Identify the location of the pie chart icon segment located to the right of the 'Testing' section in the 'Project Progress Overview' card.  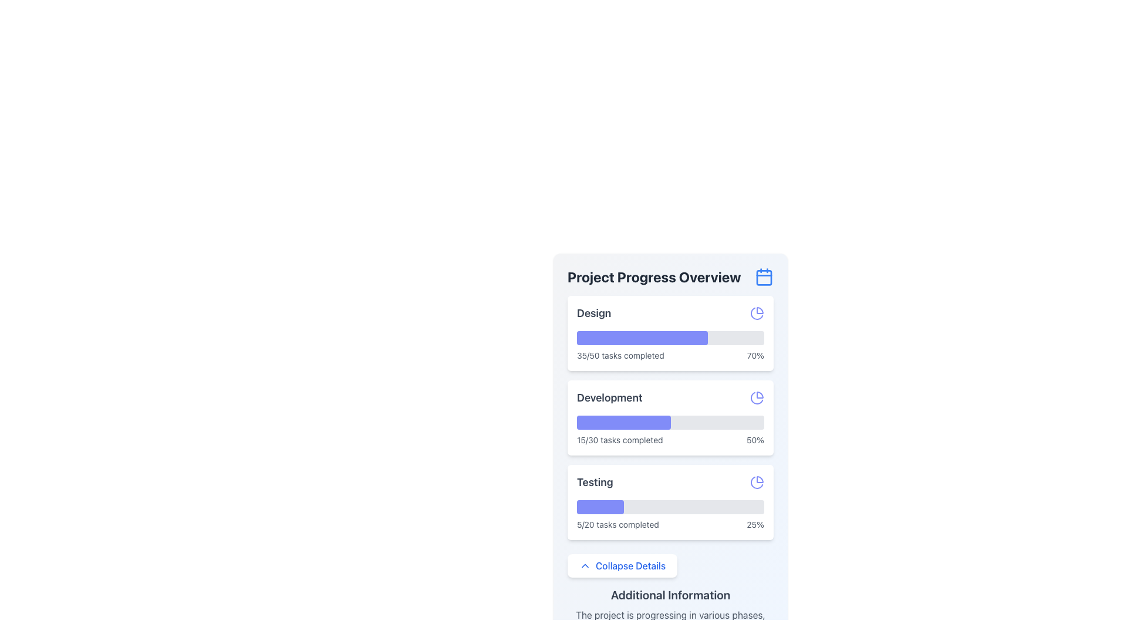
(760, 480).